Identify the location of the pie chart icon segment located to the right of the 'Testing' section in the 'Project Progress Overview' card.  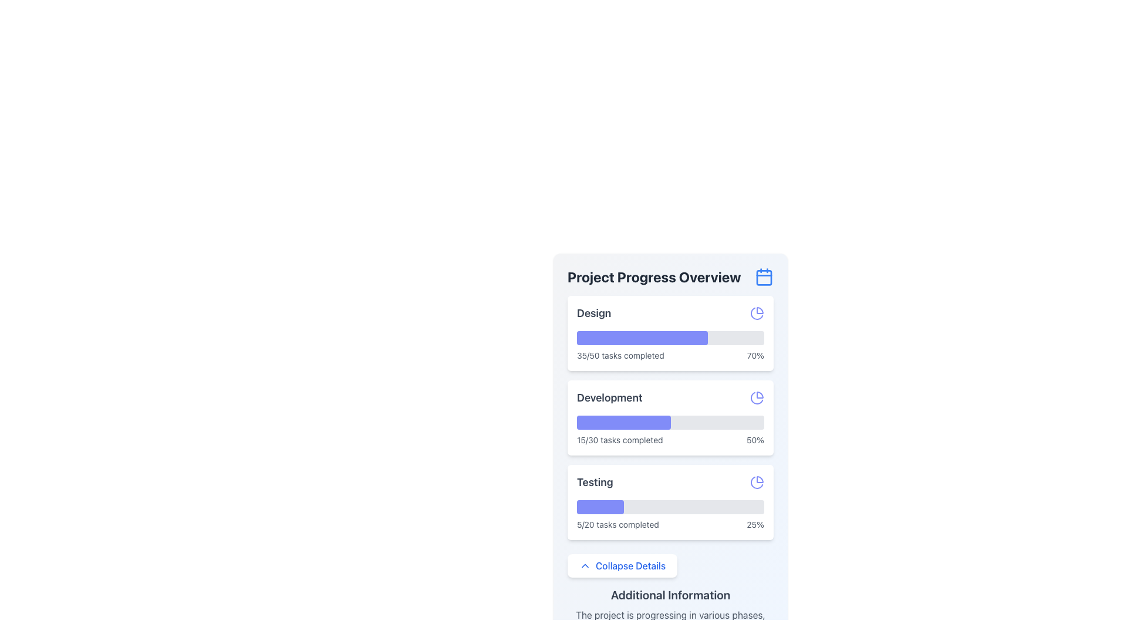
(760, 480).